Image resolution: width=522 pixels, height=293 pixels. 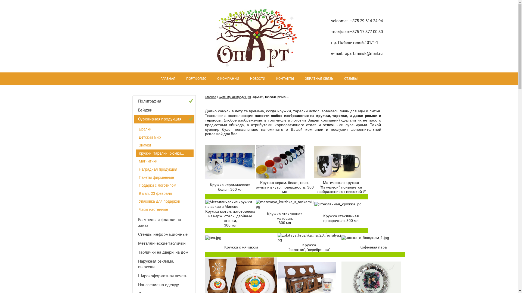 I want to click on 'opart.minsk@mail.ru', so click(x=363, y=53).